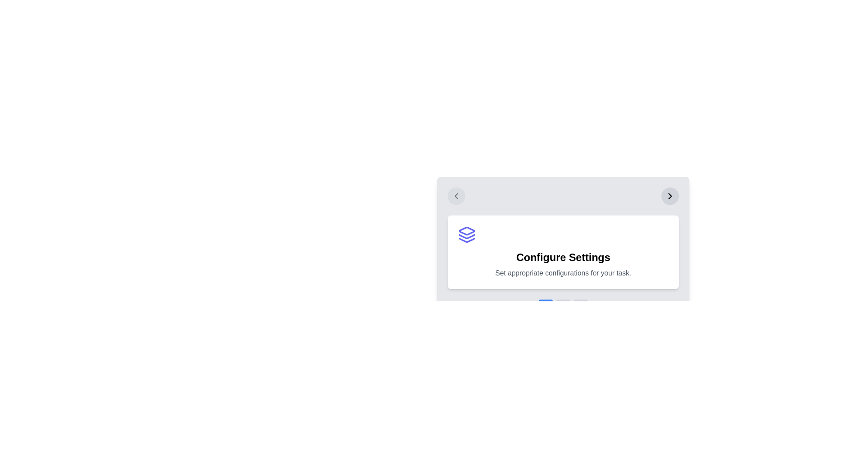  I want to click on the step indicator corresponding to step 2, so click(563, 300).